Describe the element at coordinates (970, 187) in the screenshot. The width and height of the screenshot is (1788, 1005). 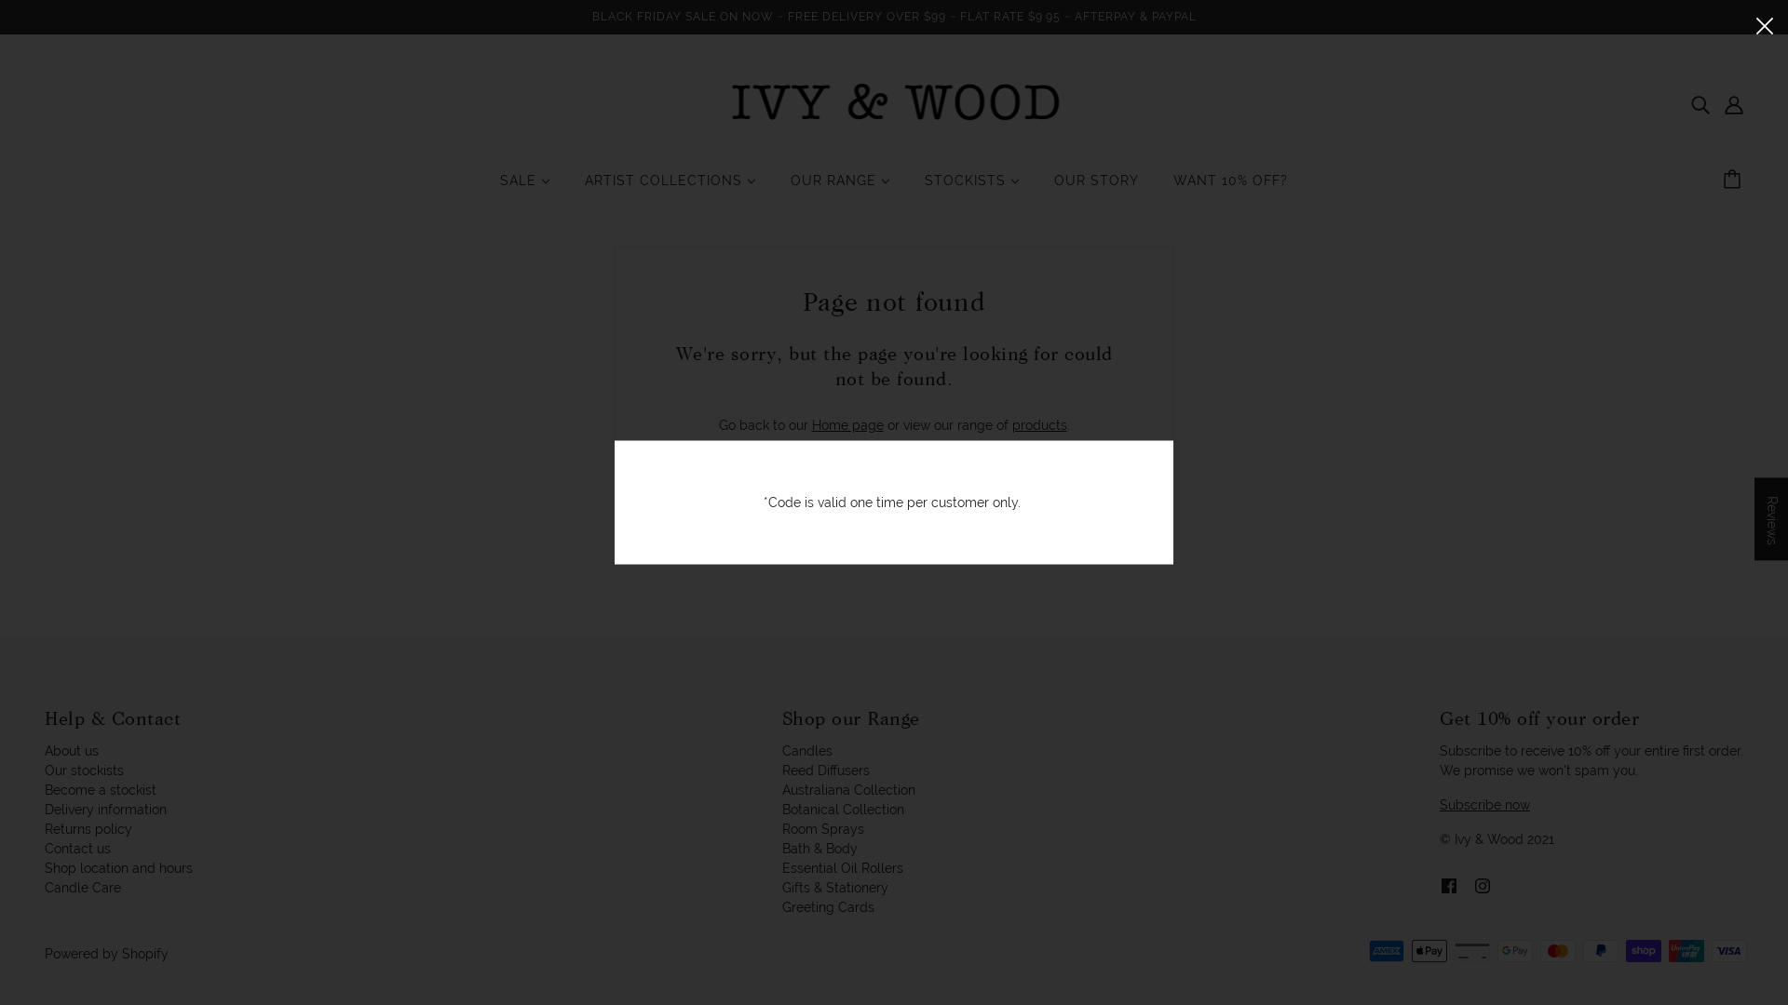
I see `'STOCKISTS'` at that location.